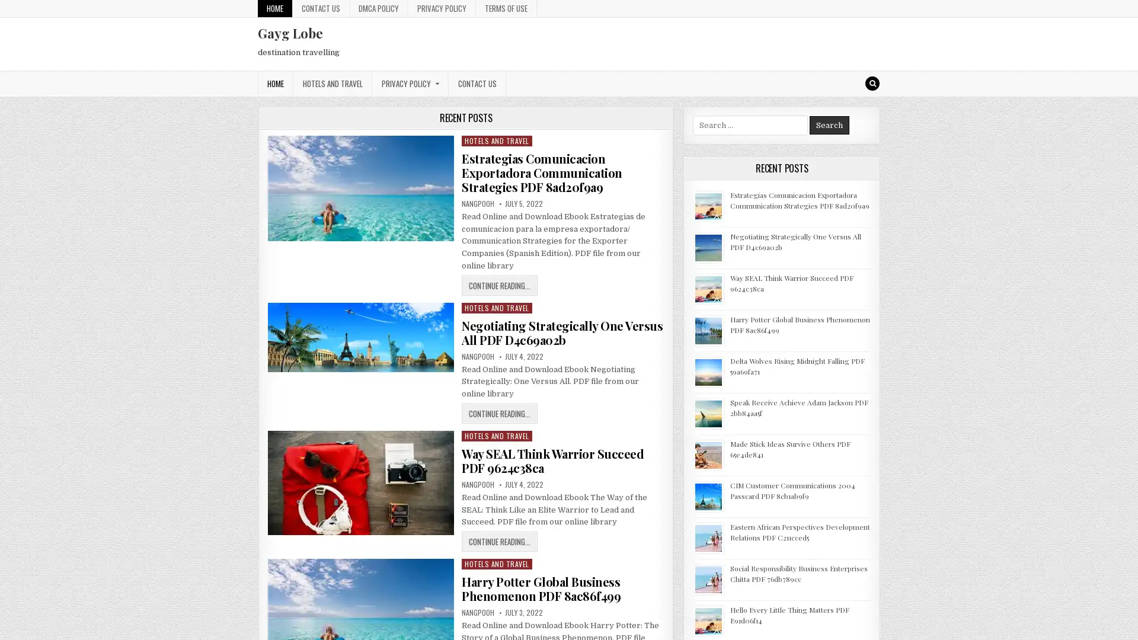  What do you see at coordinates (829, 125) in the screenshot?
I see `Search` at bounding box center [829, 125].